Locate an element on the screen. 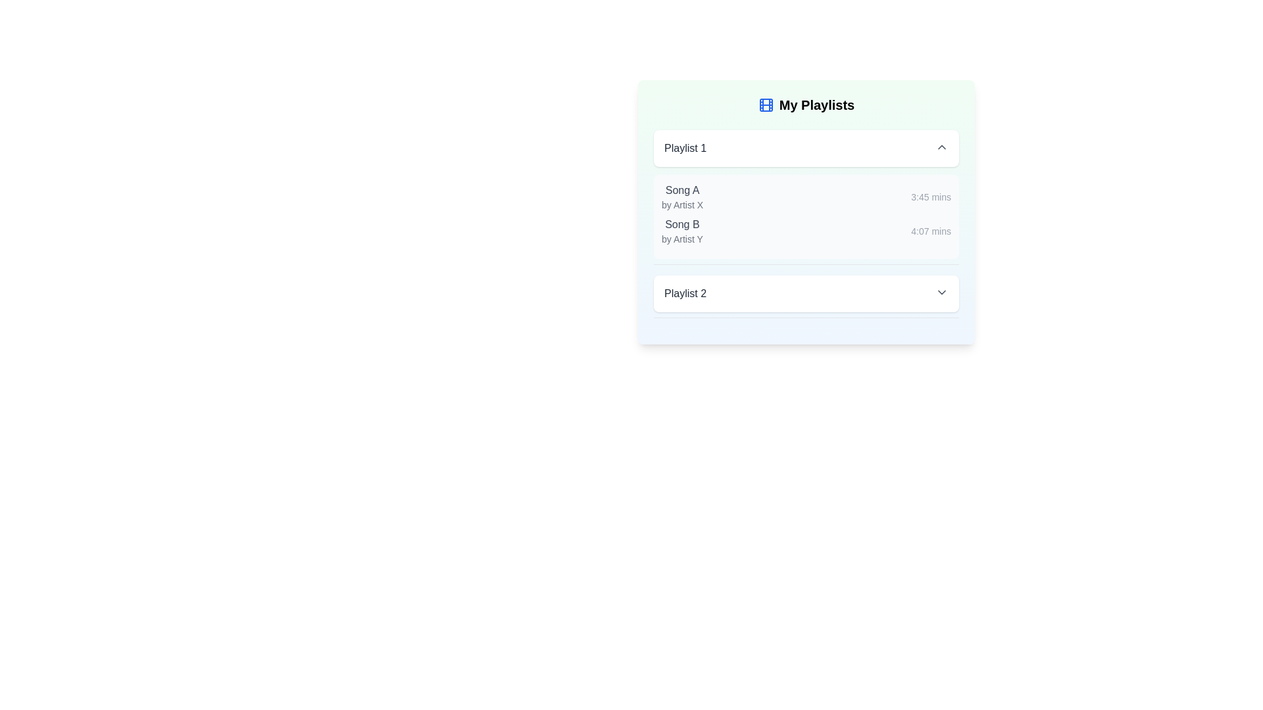 Image resolution: width=1263 pixels, height=710 pixels. the text group displaying the song title and artist name, which is the second song in the 'Playlist 1' component is located at coordinates (682, 230).